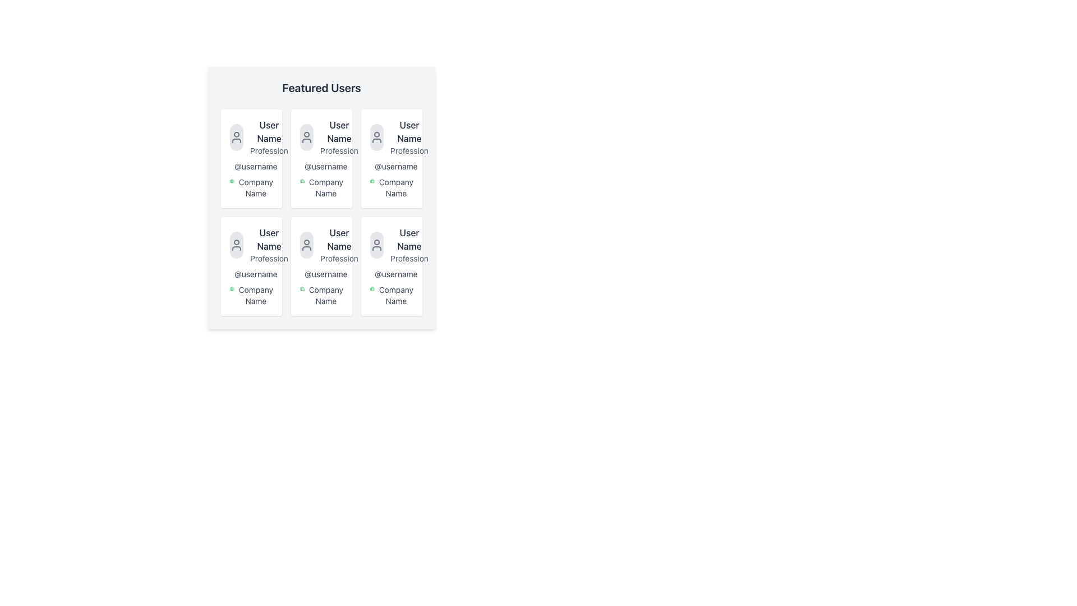 This screenshot has height=606, width=1077. I want to click on the text '@username' displayed in dark gray color, located in the second column of the first row of the user profile grid, positioned below 'User Name Profession' and above 'Company Name', so click(325, 167).